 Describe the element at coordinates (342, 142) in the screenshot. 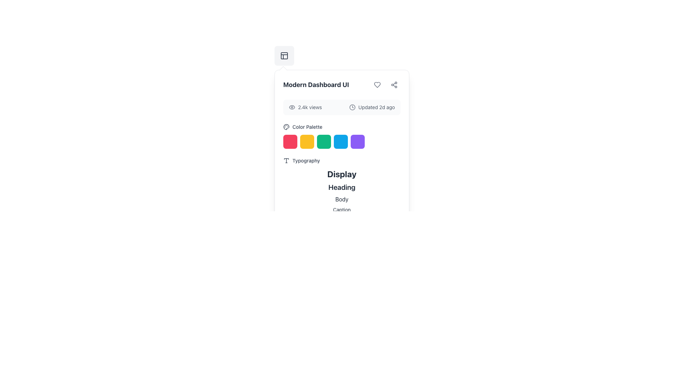

I see `the color selection palette, which consists of five rounded square icons arranged horizontally in colors red, yellow, green, blue, and purple` at that location.